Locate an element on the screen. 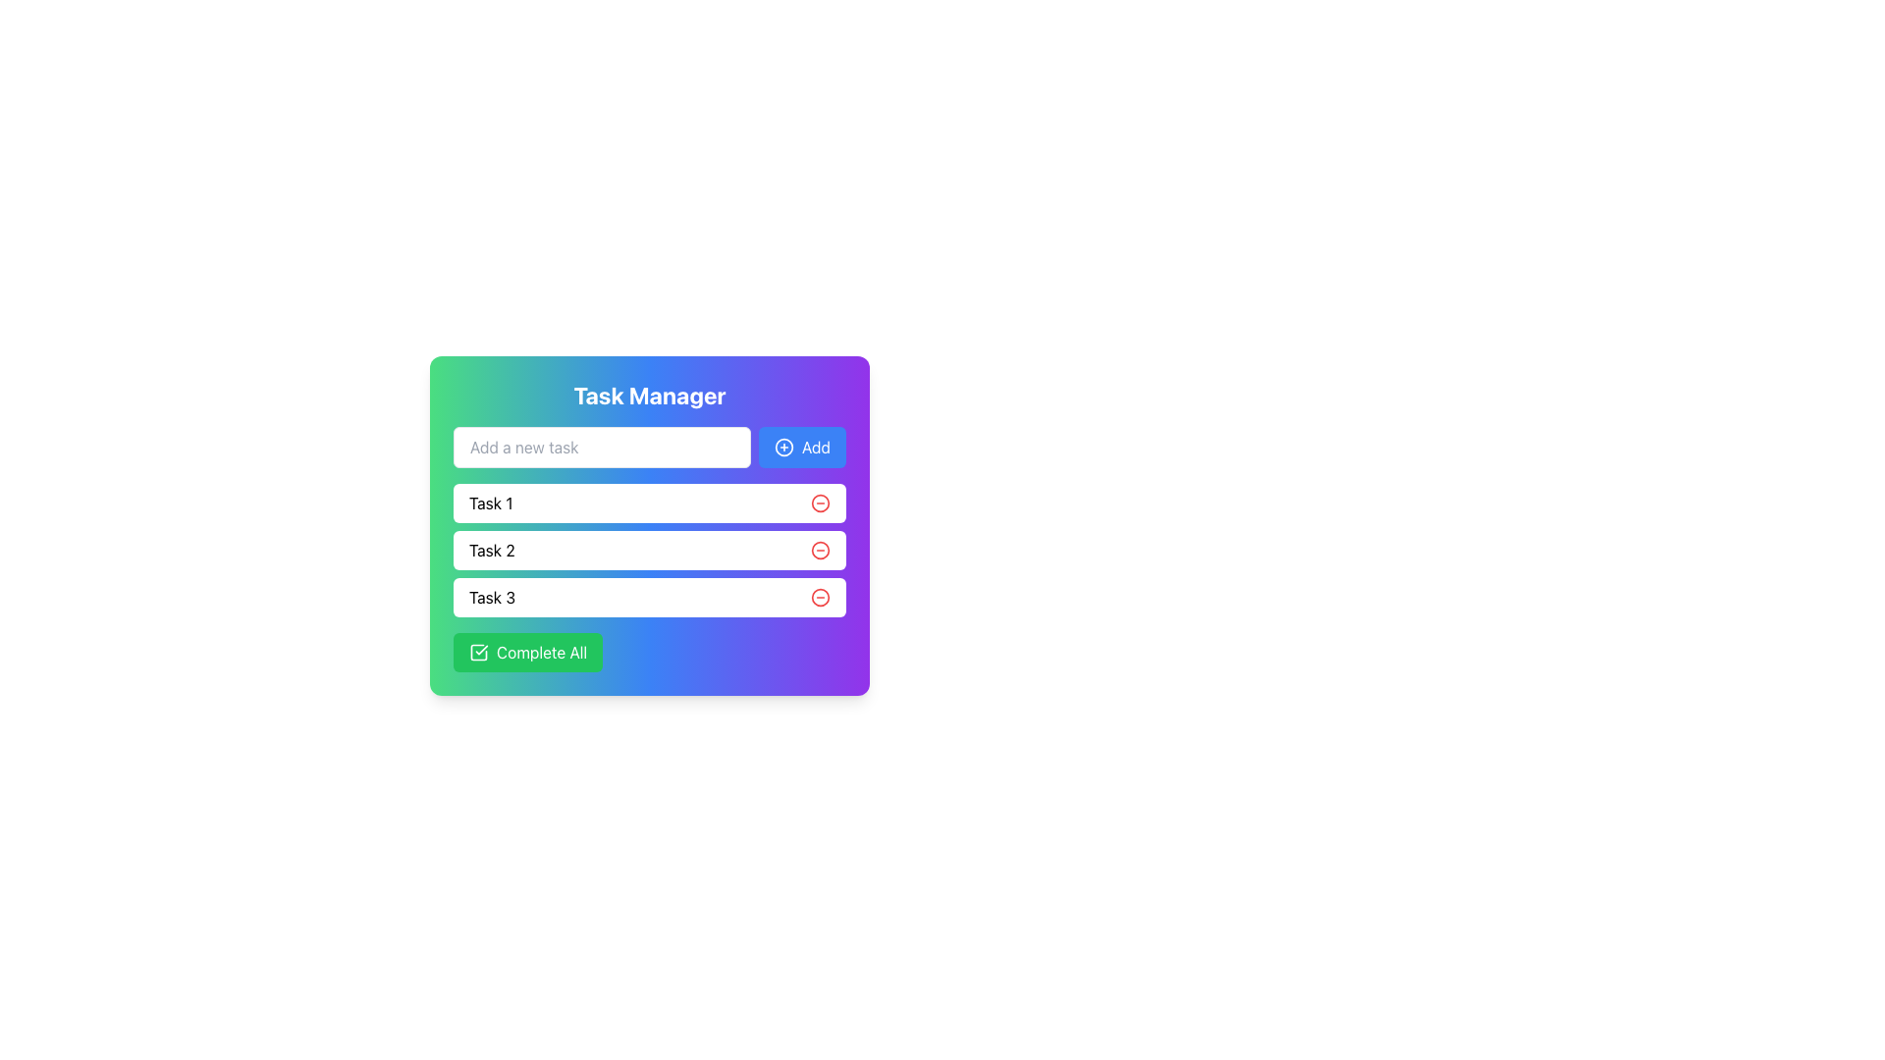 The height and width of the screenshot is (1060, 1885). the square check icon representing the 'Complete All' functionality located within the green button below the task list is located at coordinates (479, 652).